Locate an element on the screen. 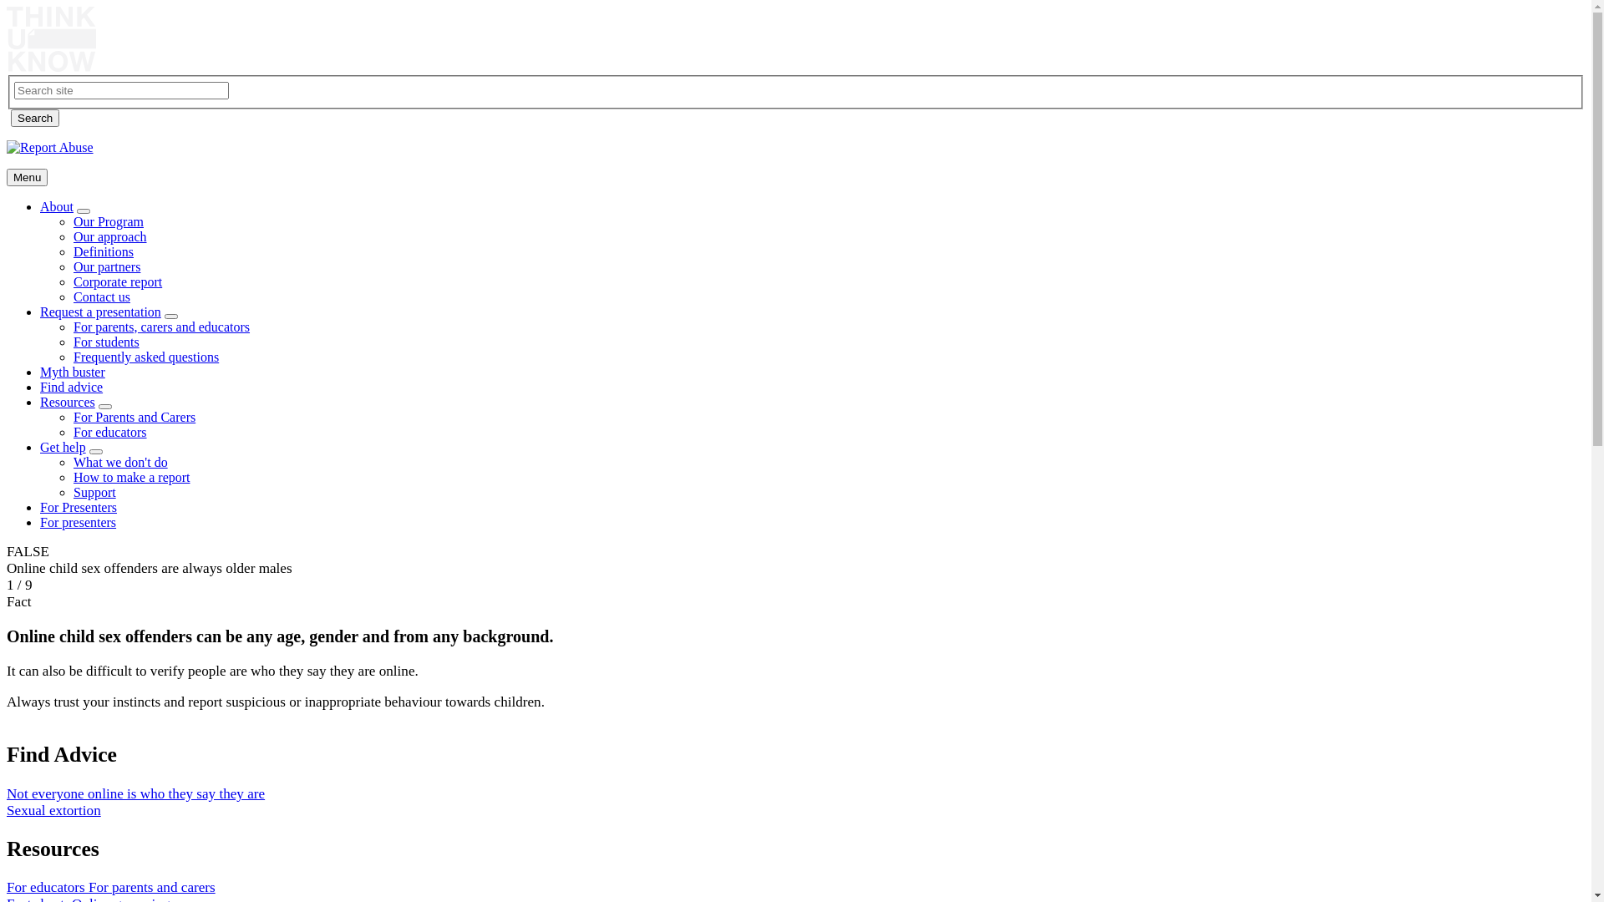 The width and height of the screenshot is (1604, 902). 'Frequently asked questions' is located at coordinates (145, 356).